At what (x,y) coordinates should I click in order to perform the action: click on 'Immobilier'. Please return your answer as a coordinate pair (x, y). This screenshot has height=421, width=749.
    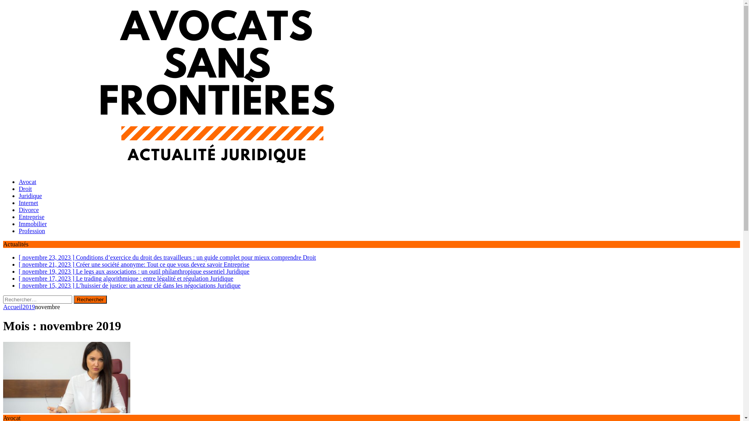
    Looking at the image, I should click on (32, 224).